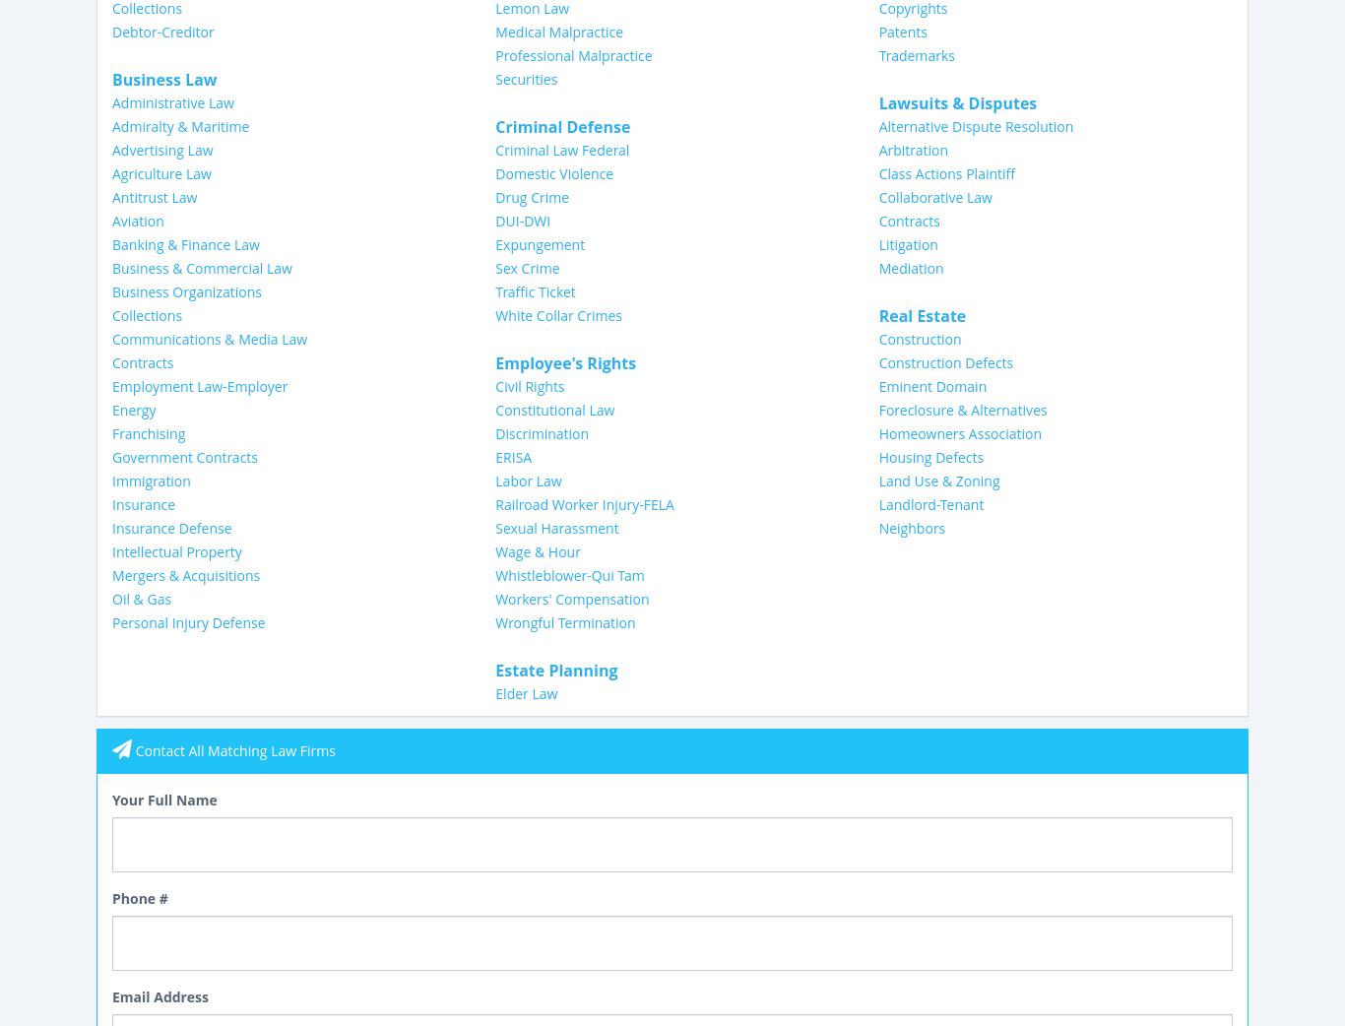  I want to click on 'Class Actions Plaintiff', so click(876, 171).